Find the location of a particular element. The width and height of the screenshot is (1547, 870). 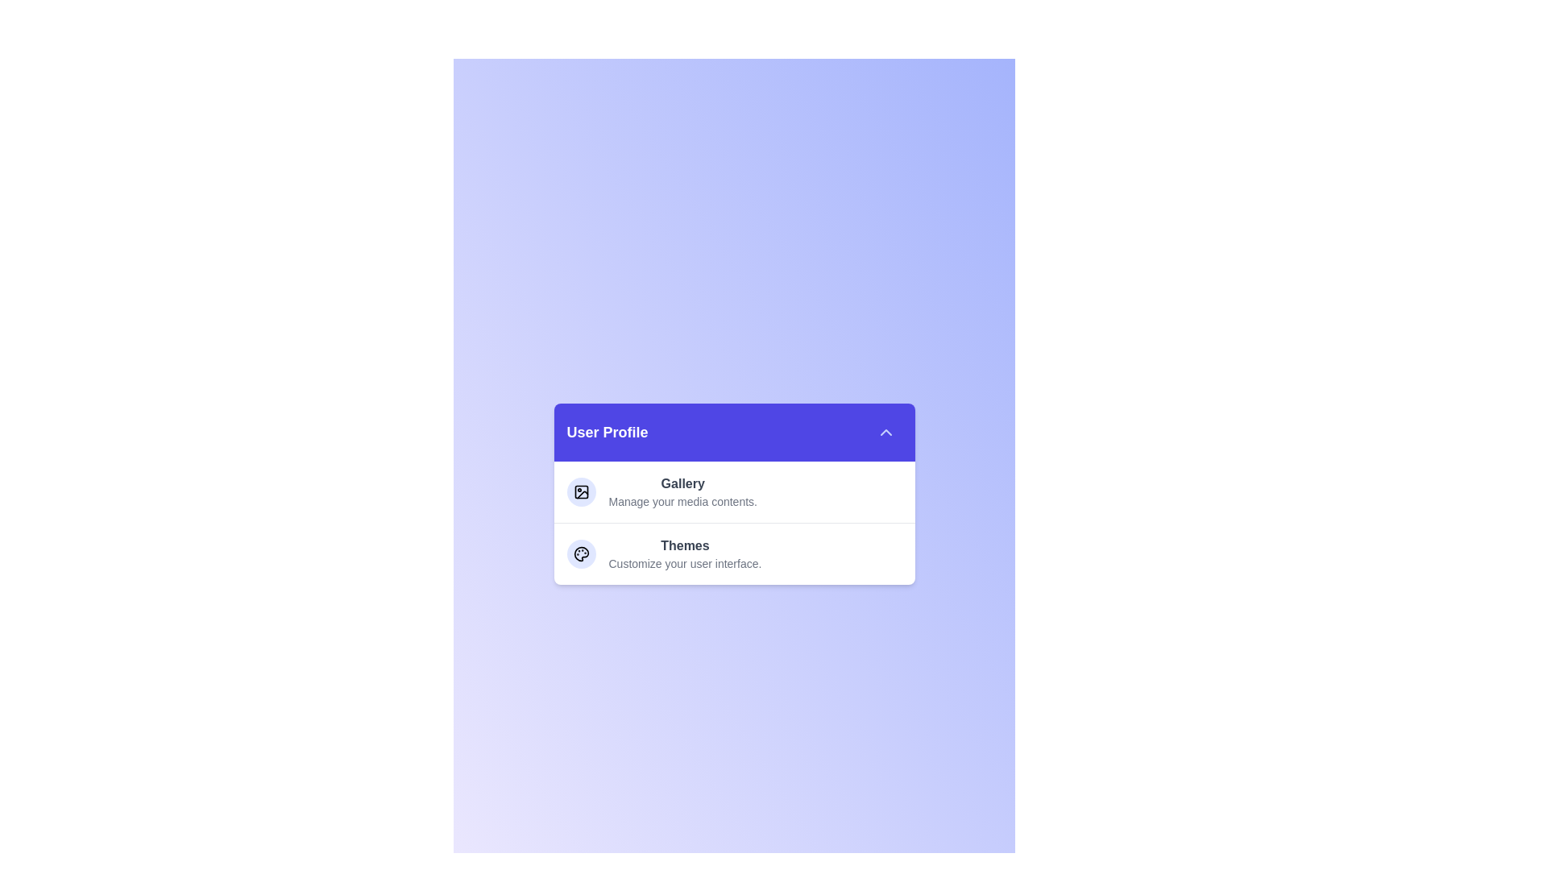

the icon for Gallery menu option is located at coordinates (580, 491).